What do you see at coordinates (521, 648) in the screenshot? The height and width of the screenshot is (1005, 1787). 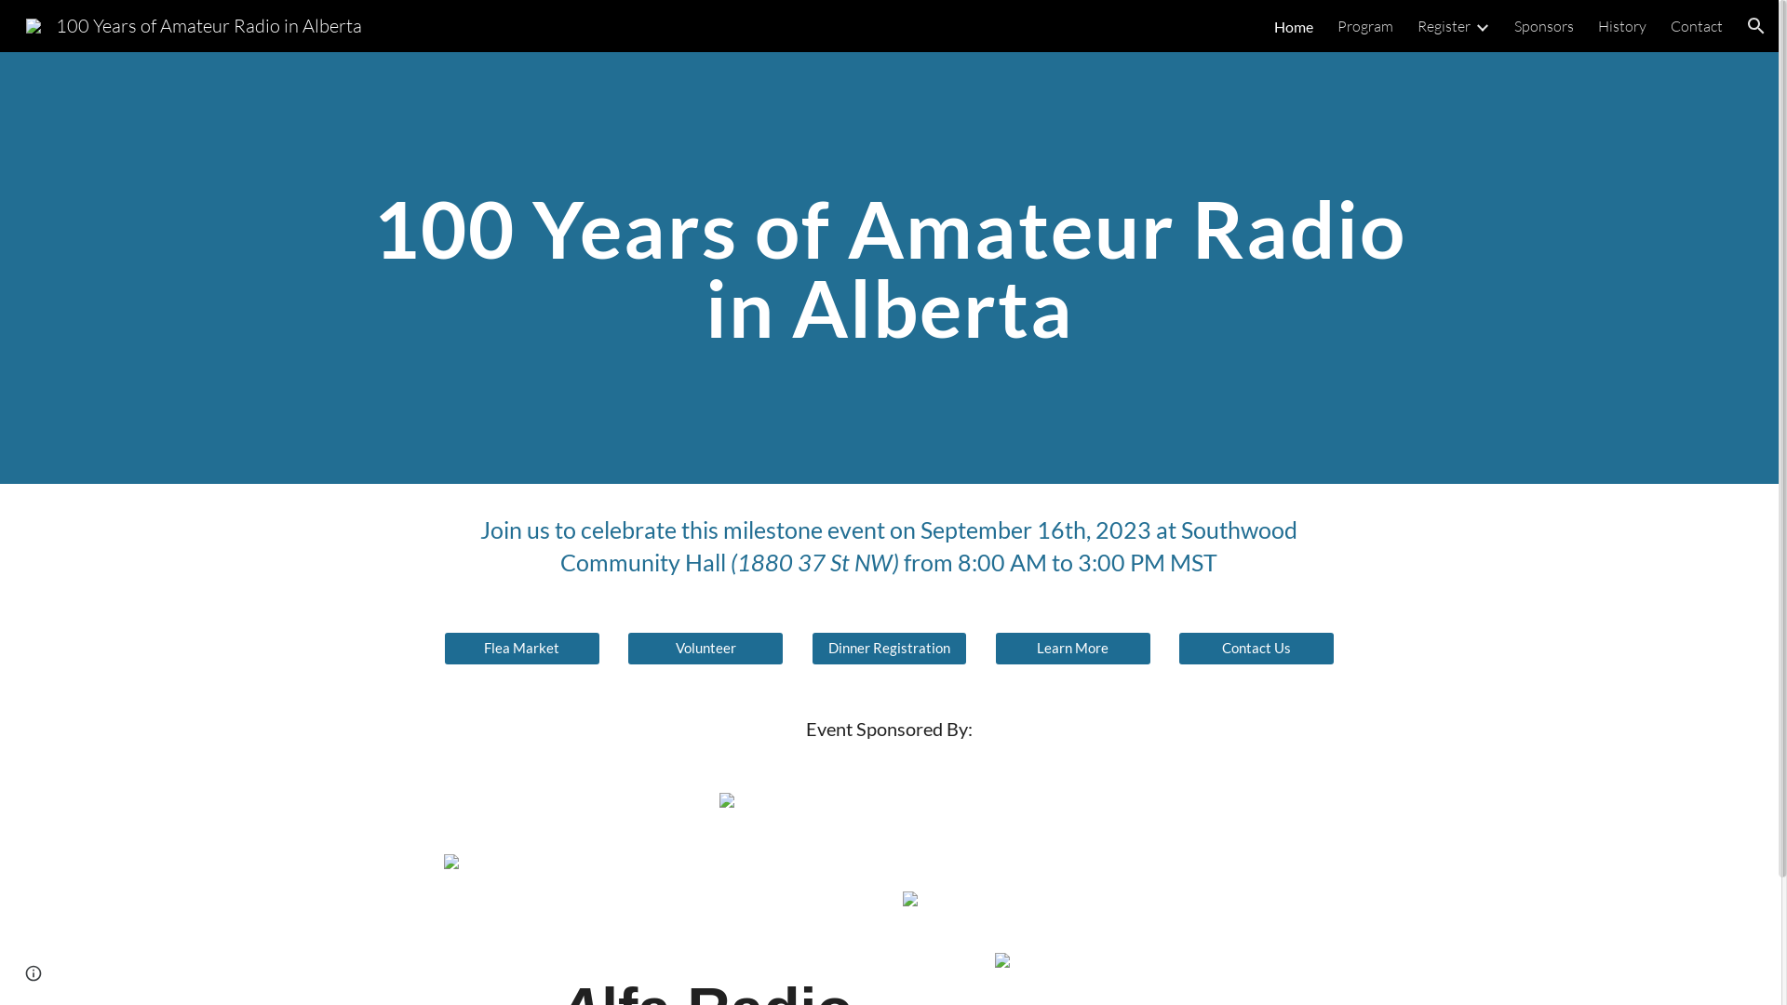 I see `'Flea Market'` at bounding box center [521, 648].